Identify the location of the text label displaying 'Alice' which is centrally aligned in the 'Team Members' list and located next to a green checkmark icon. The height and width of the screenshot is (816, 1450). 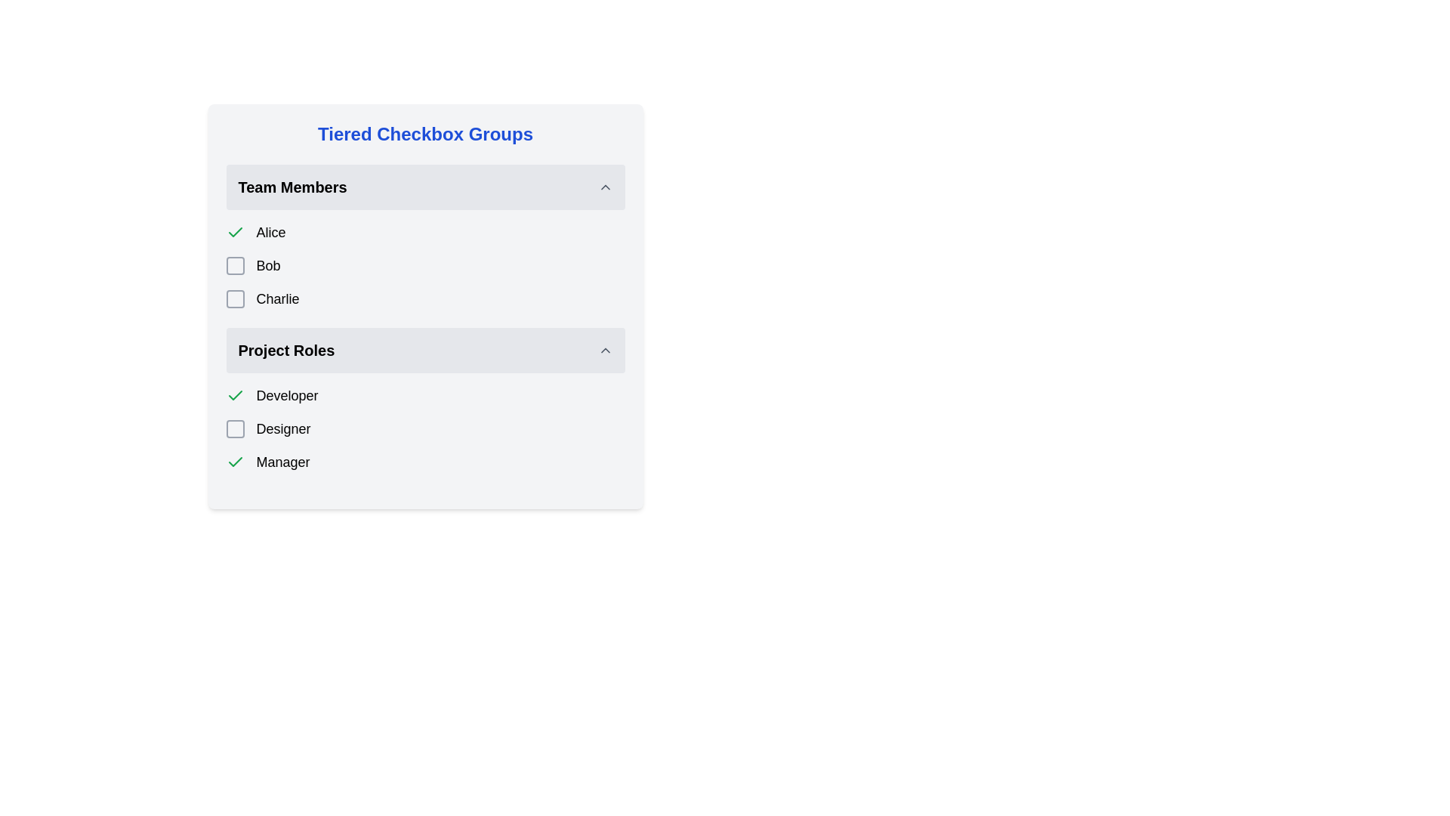
(271, 233).